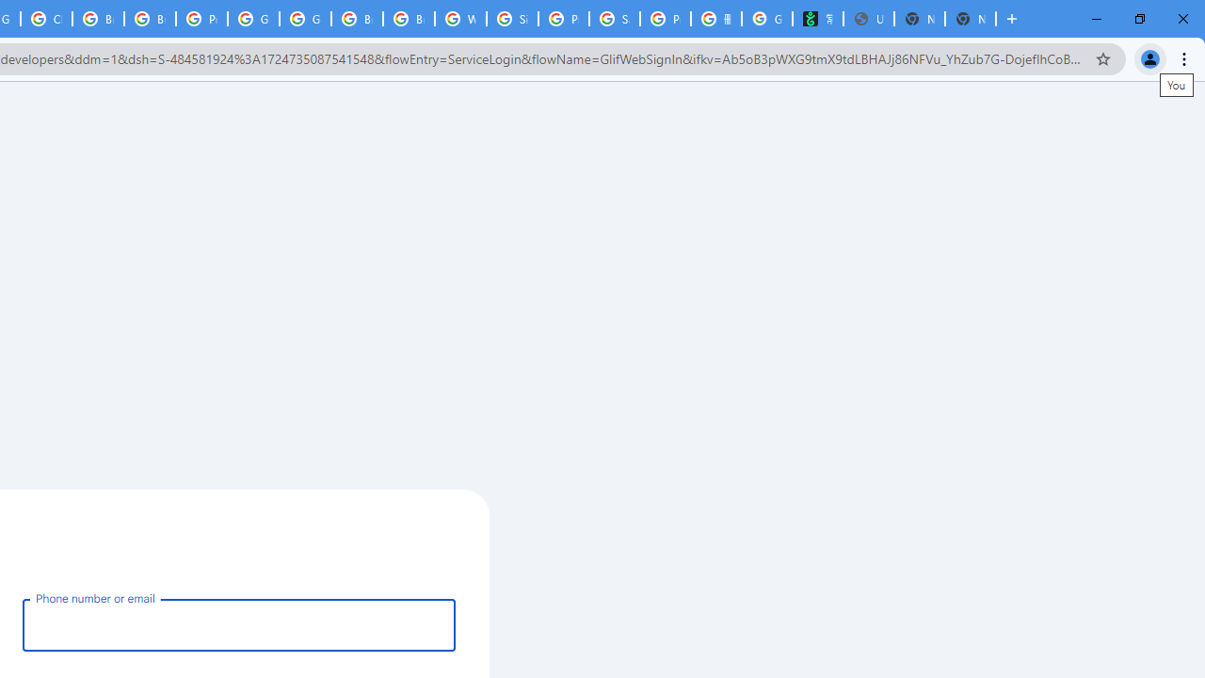 This screenshot has width=1205, height=678. I want to click on 'New Tab', so click(1011, 19).